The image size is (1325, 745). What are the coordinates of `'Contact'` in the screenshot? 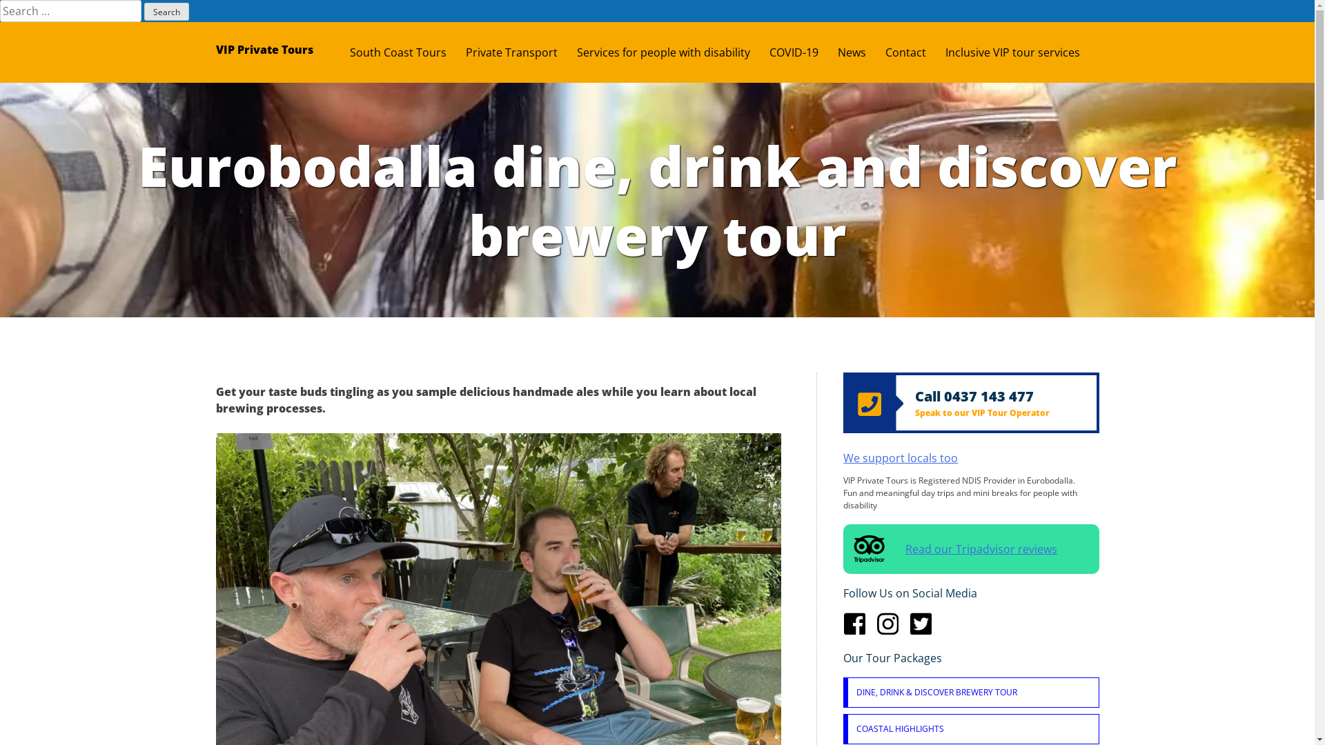 It's located at (884, 52).